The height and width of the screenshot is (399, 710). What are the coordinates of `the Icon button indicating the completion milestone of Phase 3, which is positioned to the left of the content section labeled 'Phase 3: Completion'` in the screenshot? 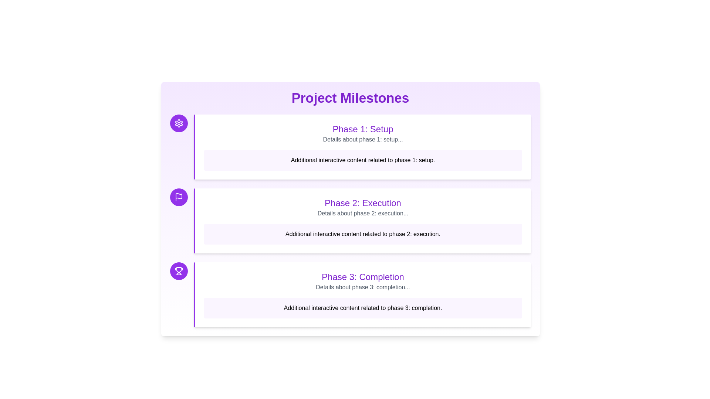 It's located at (179, 271).